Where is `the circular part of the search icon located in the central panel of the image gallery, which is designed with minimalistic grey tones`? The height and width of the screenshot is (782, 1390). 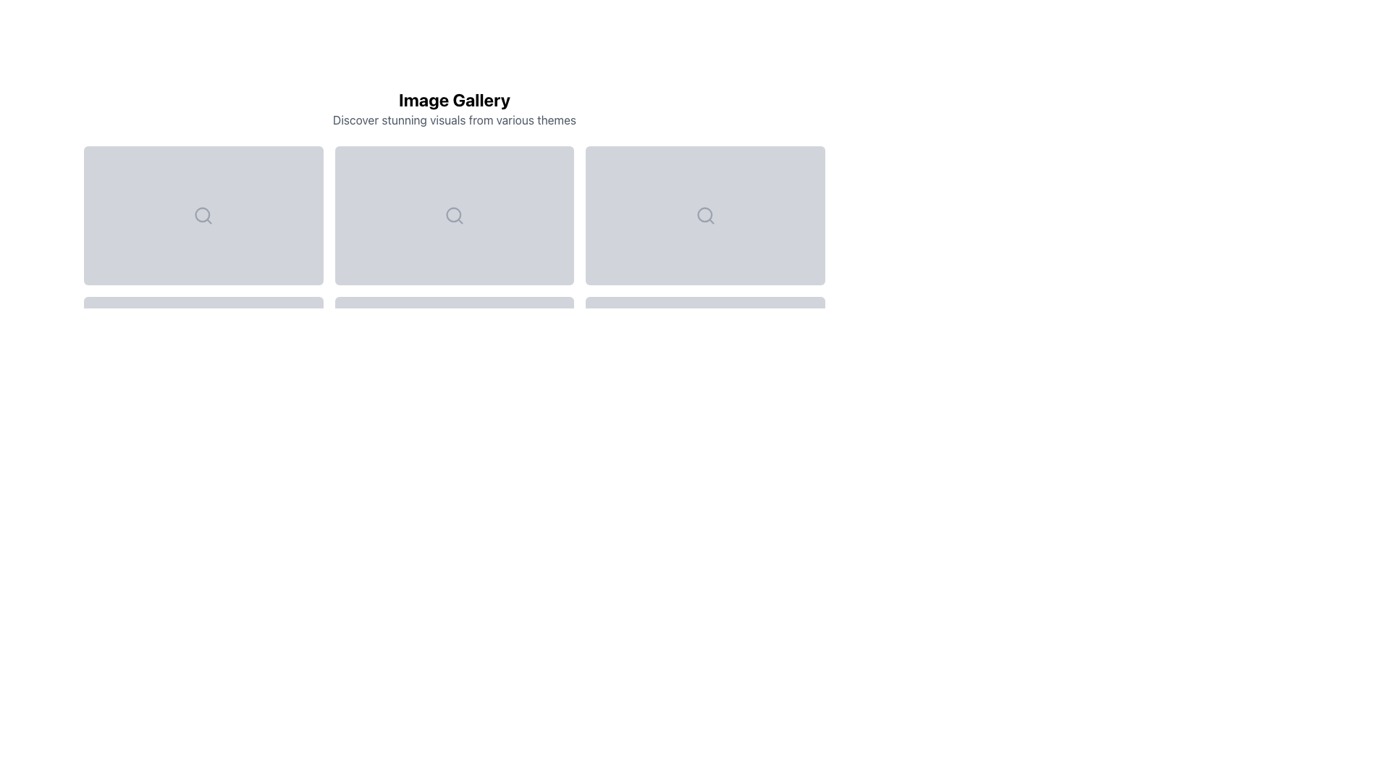
the circular part of the search icon located in the central panel of the image gallery, which is designed with minimalistic grey tones is located at coordinates (452, 214).